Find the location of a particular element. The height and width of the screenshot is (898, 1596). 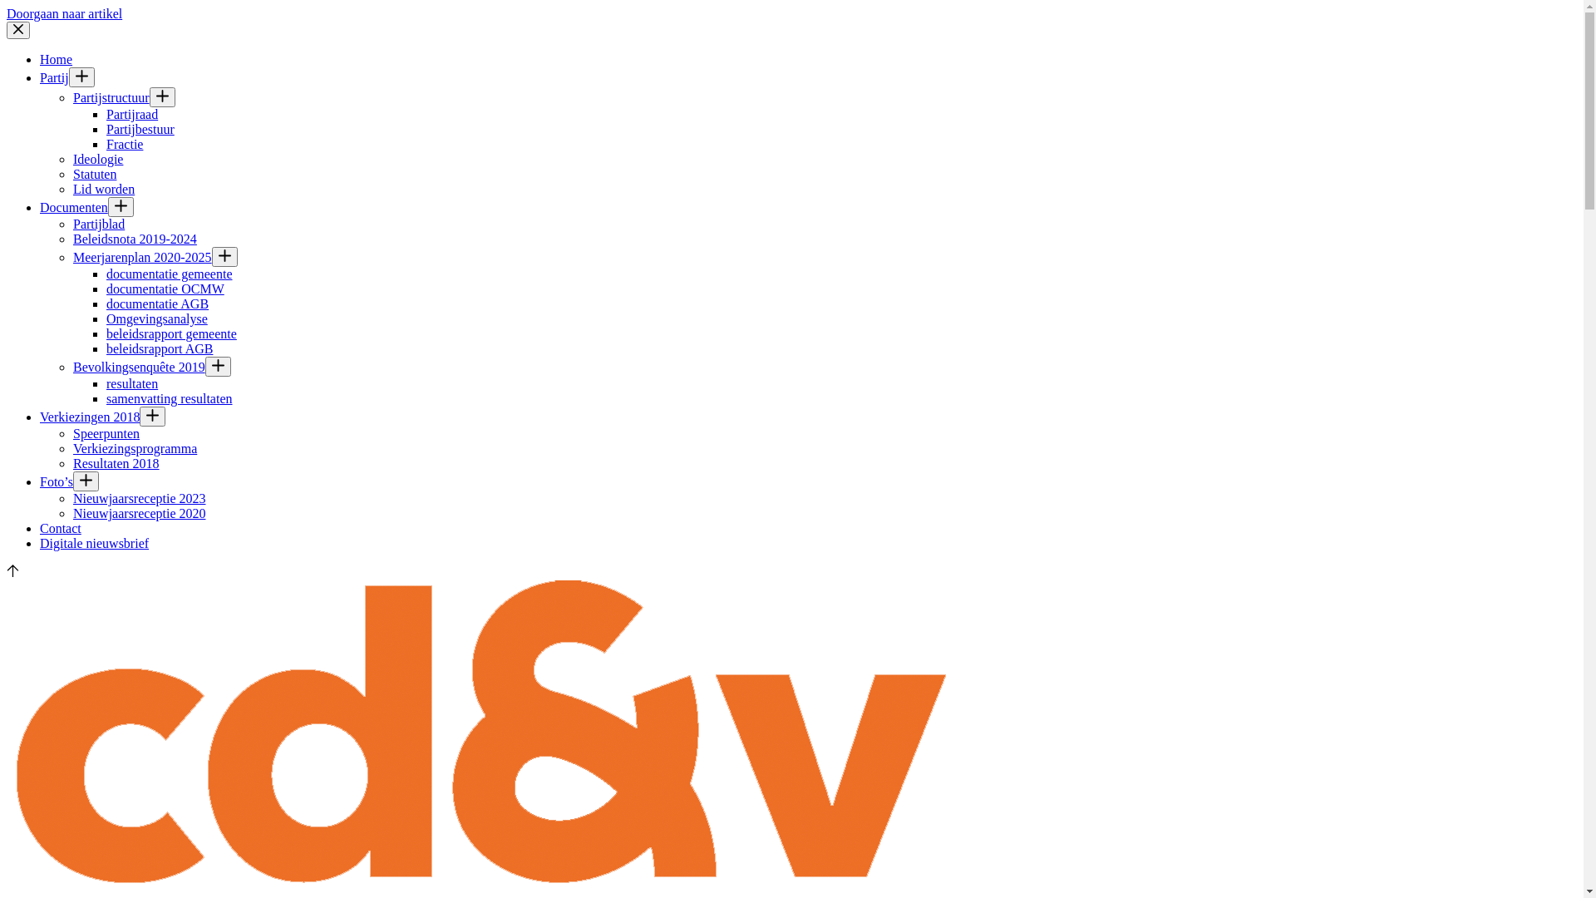

'Fractie' is located at coordinates (123, 143).